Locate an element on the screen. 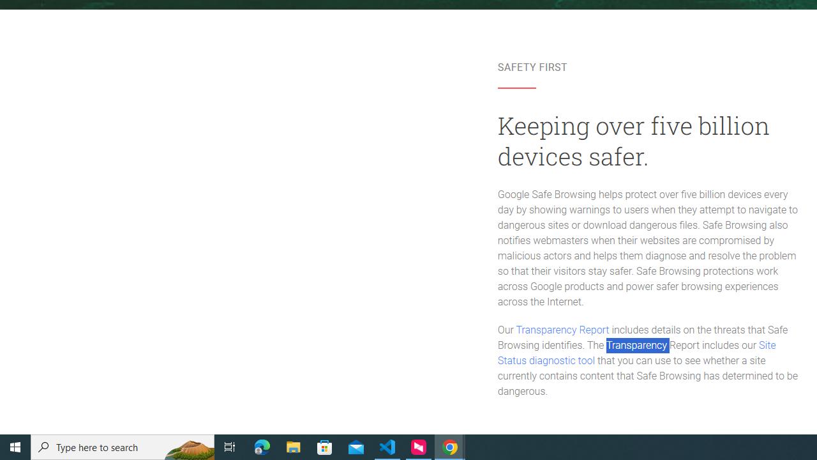  'Site Status diagnostic tool' is located at coordinates (636, 353).